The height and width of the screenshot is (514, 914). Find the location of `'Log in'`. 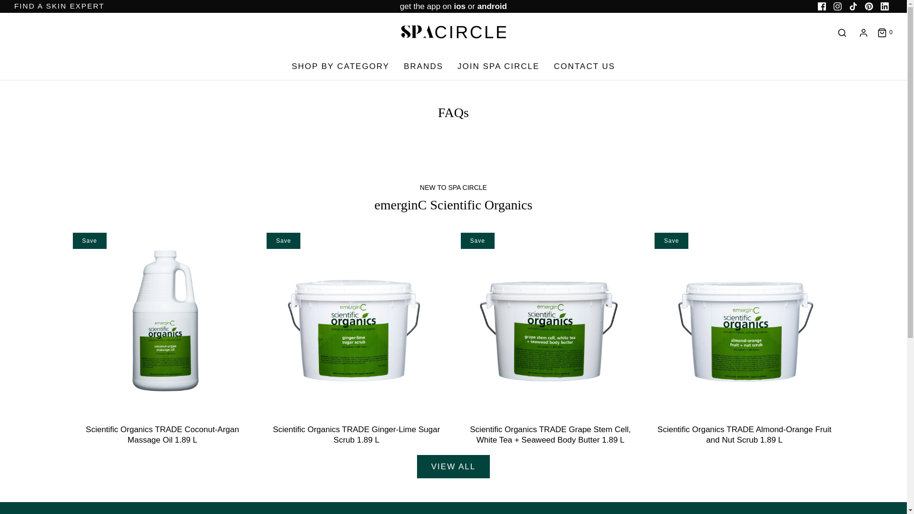

'Log in' is located at coordinates (864, 32).